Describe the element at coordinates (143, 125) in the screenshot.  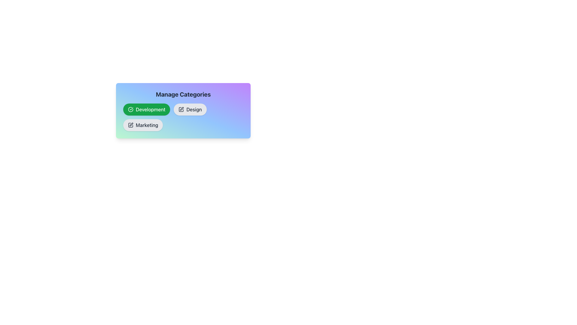
I see `the 'Marketing' button, which has a light gray background and dark gray text, located below the 'Development' and 'Design' buttons` at that location.